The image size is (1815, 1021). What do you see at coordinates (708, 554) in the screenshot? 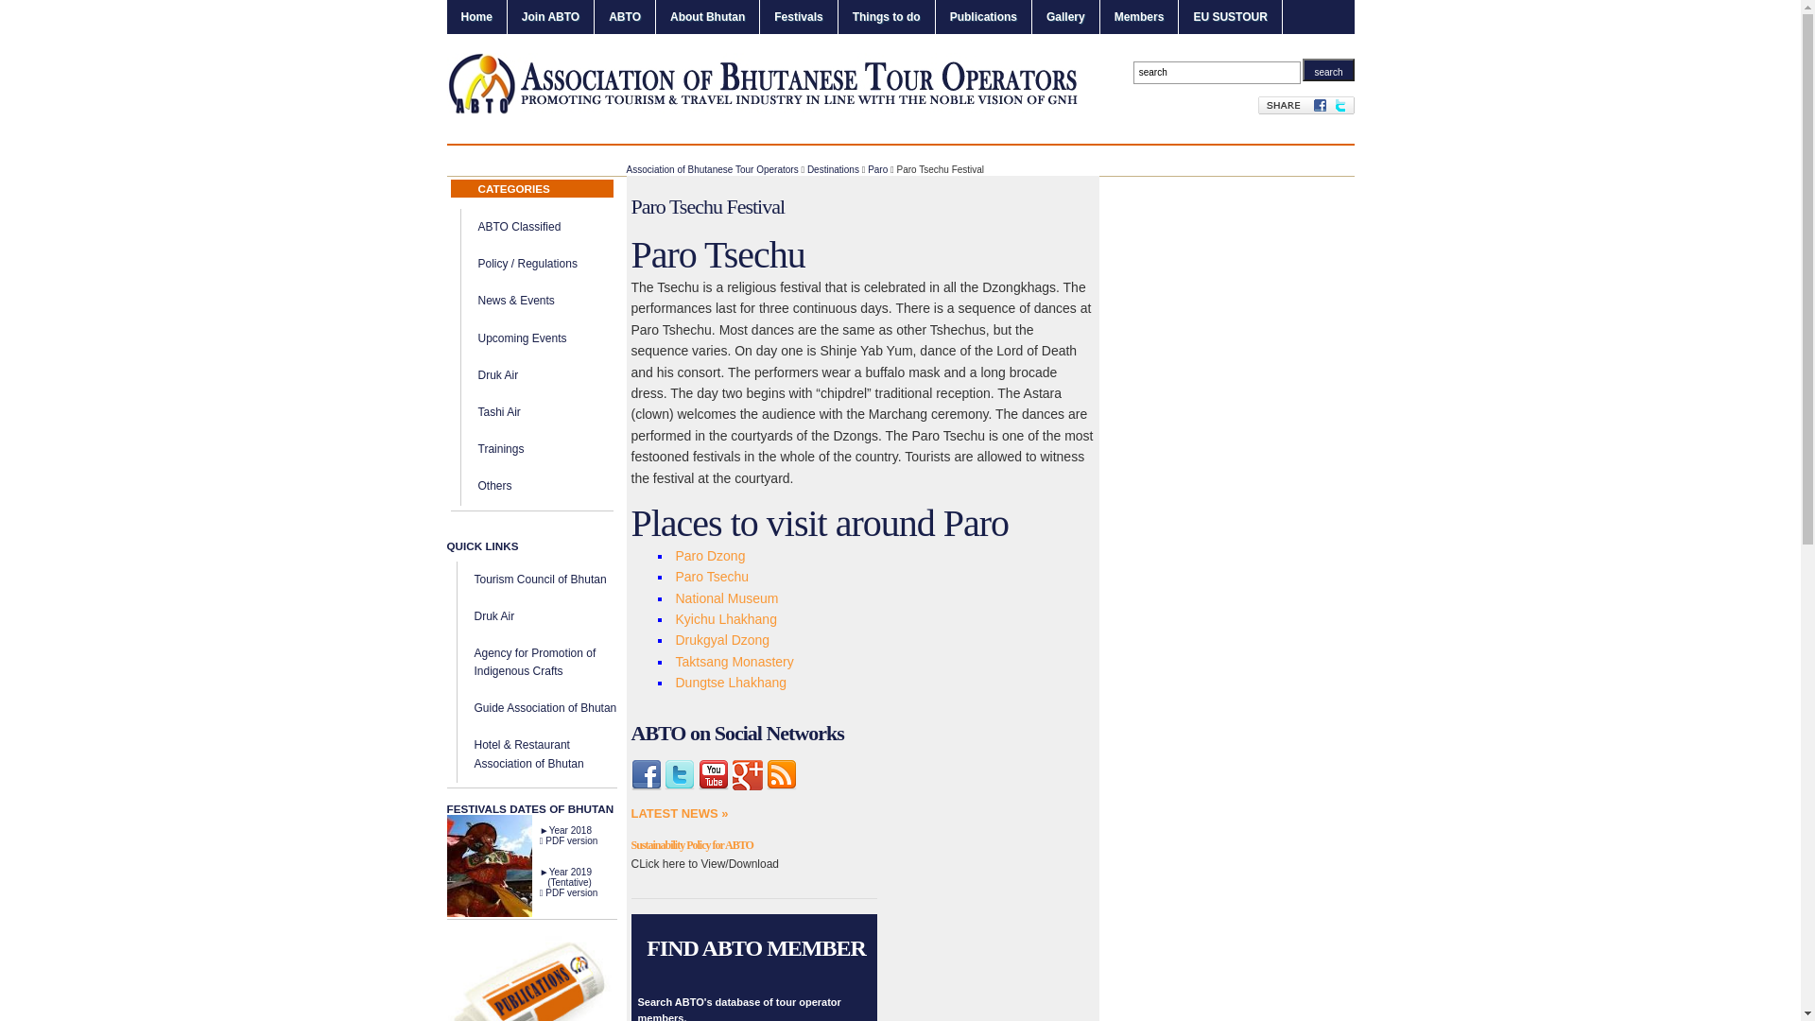
I see `'Paro Dzong'` at bounding box center [708, 554].